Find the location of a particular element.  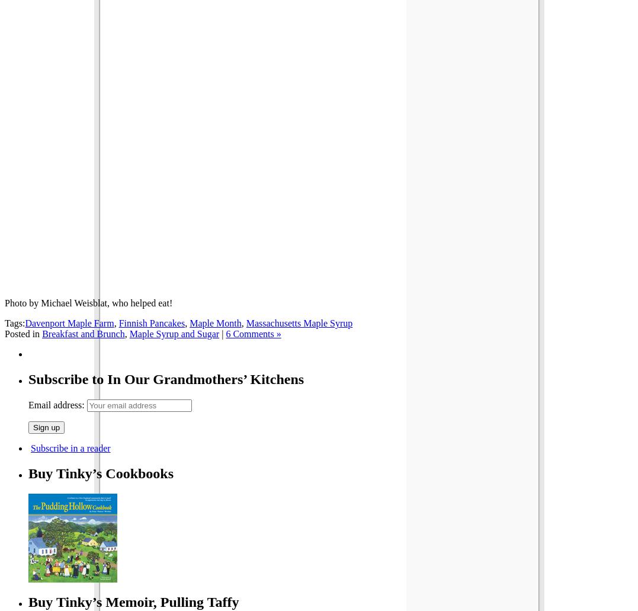

'Posted in' is located at coordinates (23, 333).